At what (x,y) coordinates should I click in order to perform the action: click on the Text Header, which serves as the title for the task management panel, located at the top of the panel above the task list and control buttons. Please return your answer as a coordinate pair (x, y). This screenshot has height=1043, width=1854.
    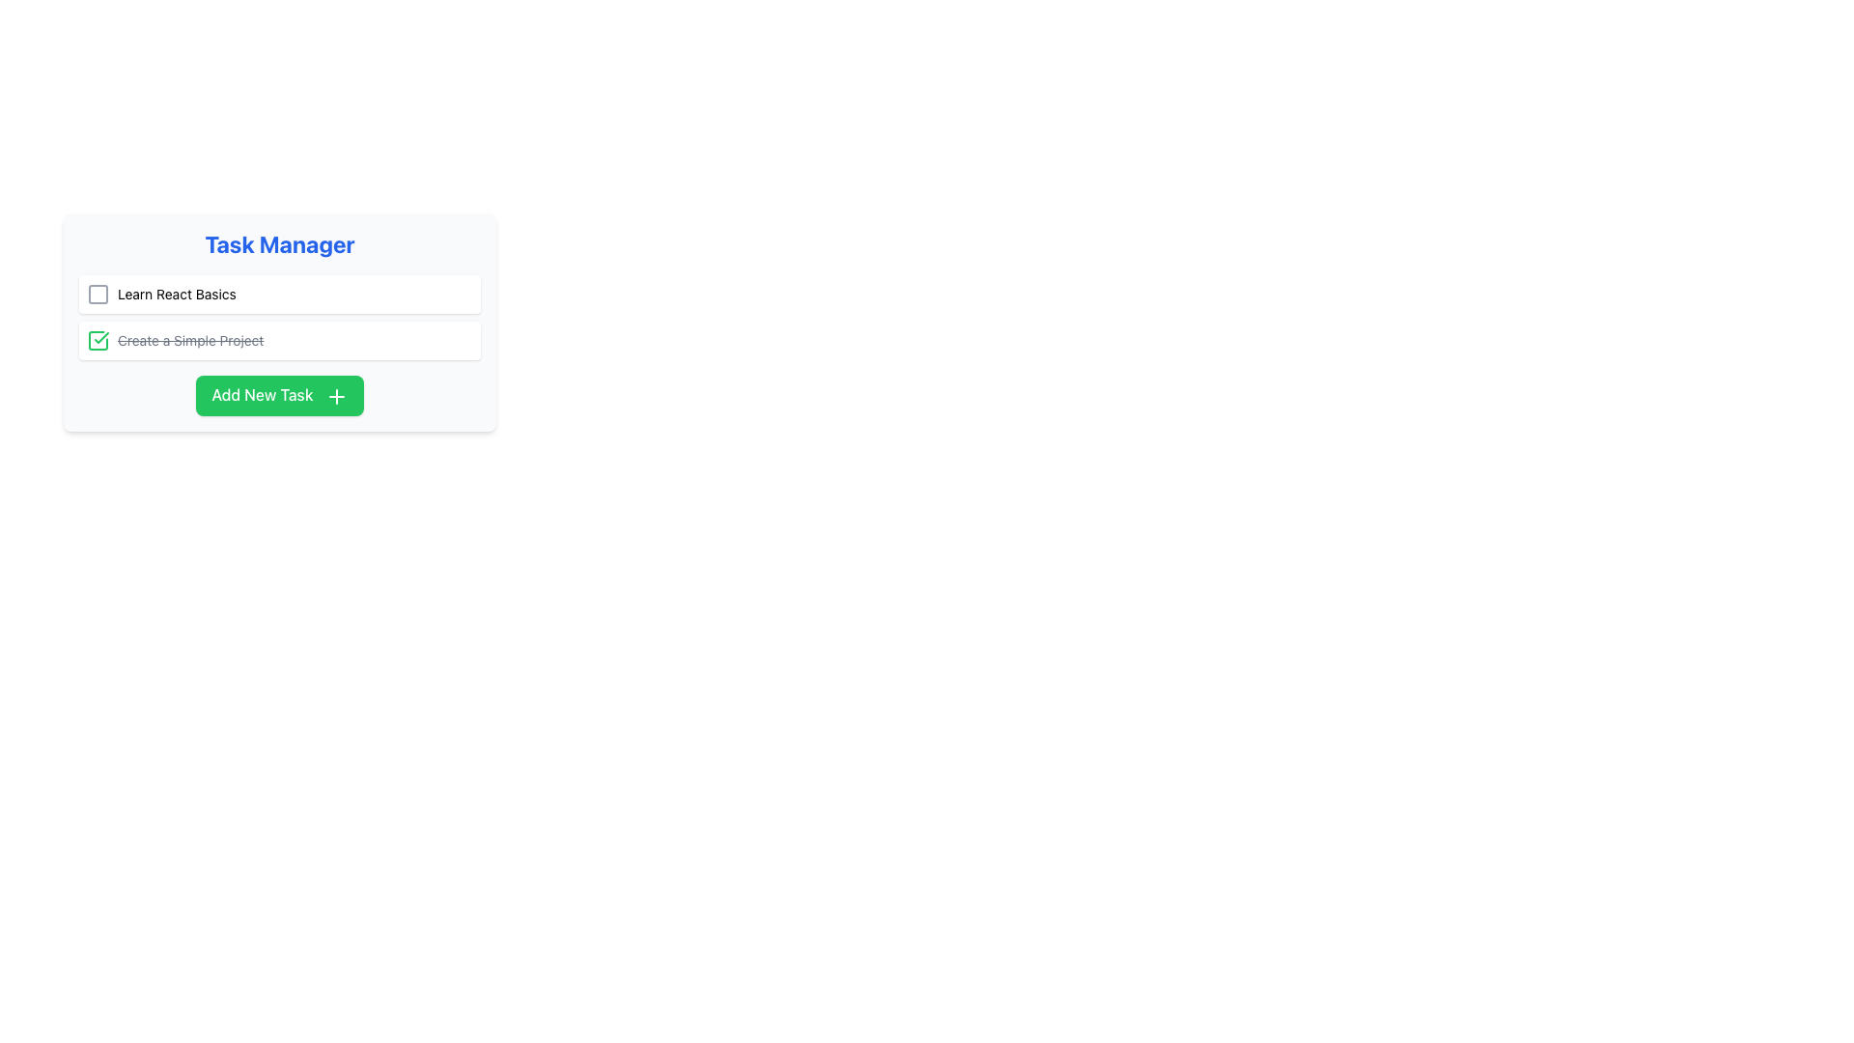
    Looking at the image, I should click on (278, 243).